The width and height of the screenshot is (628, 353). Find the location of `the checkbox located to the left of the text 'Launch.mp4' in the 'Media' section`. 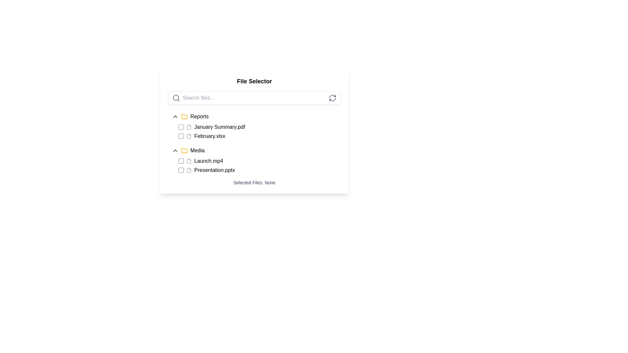

the checkbox located to the left of the text 'Launch.mp4' in the 'Media' section is located at coordinates (181, 161).